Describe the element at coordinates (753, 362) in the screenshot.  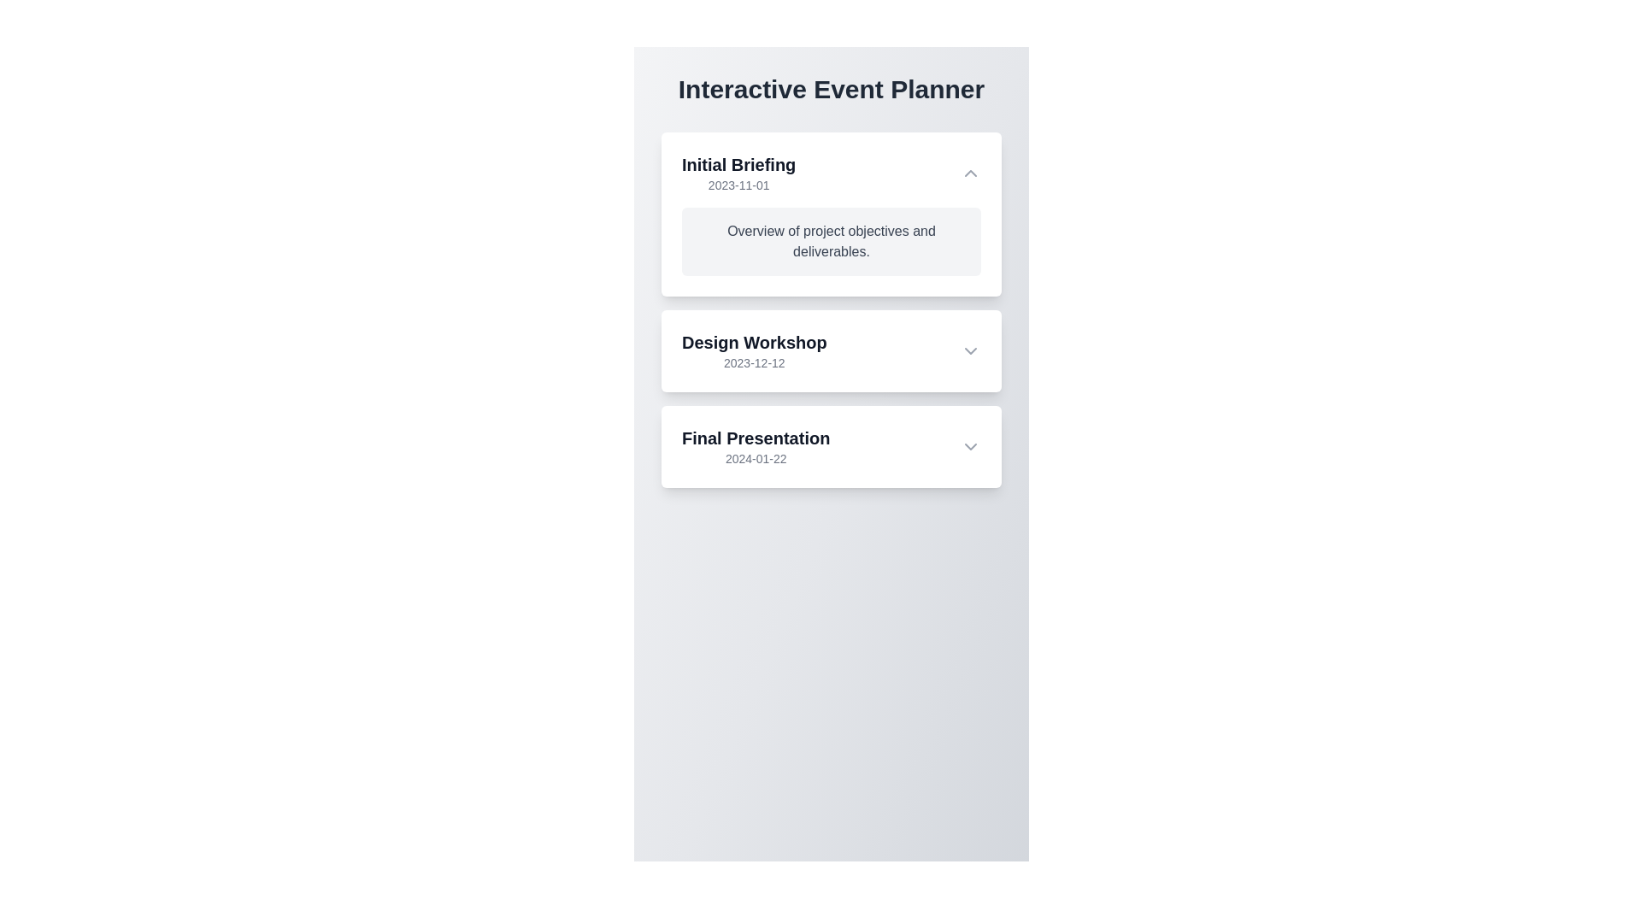
I see `date text '2023-12-12' located directly below the title 'Design Workshop' in the second card of the vertically-stacked list` at that location.